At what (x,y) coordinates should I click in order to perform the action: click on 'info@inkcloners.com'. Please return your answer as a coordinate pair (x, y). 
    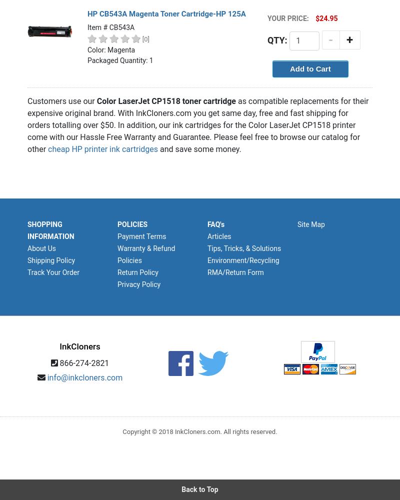
    Looking at the image, I should click on (84, 377).